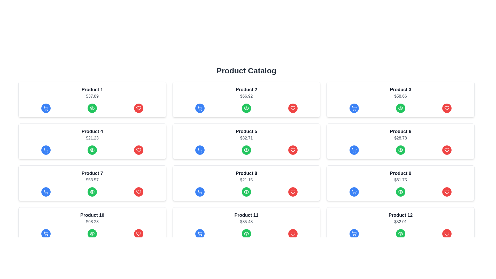  I want to click on the 'Add to Cart' button for Product 11, so click(200, 234).